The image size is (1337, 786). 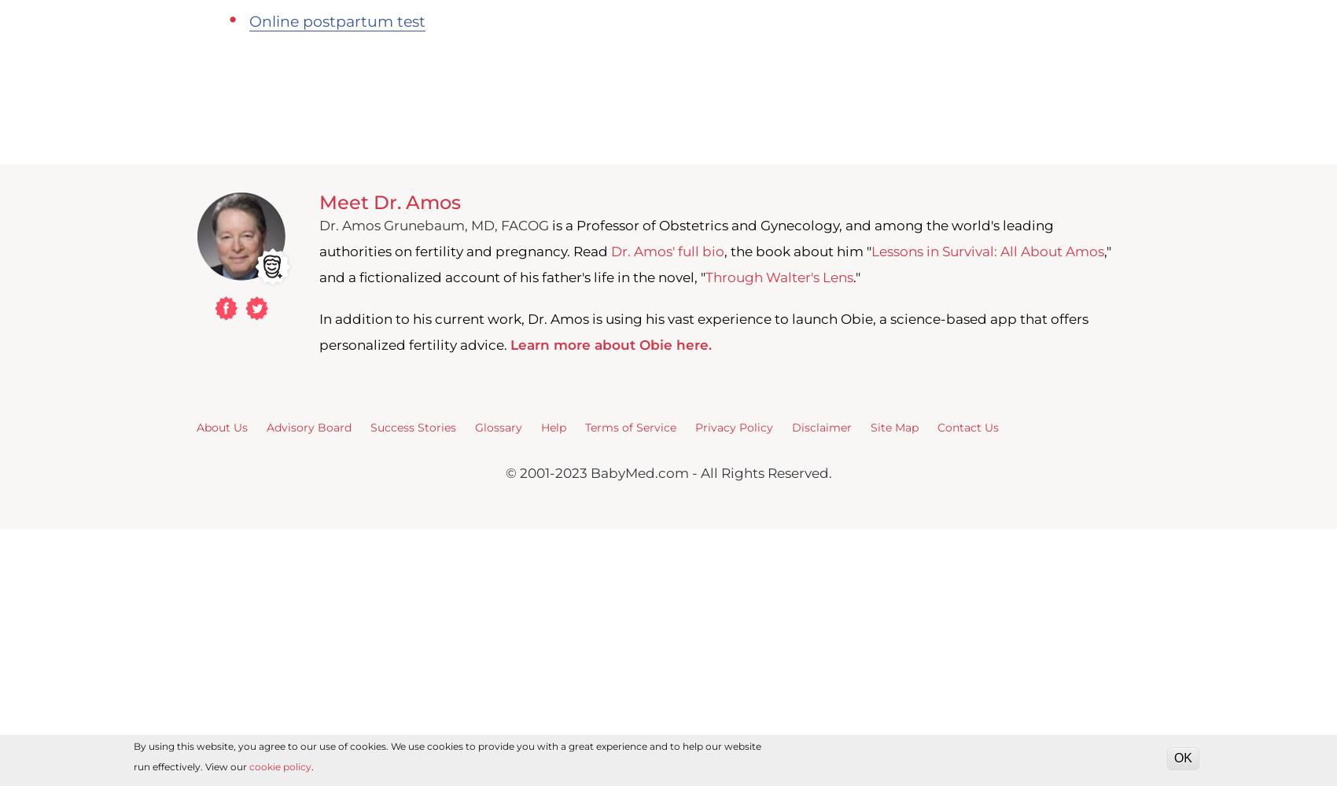 What do you see at coordinates (791, 427) in the screenshot?
I see `'Disclaimer'` at bounding box center [791, 427].